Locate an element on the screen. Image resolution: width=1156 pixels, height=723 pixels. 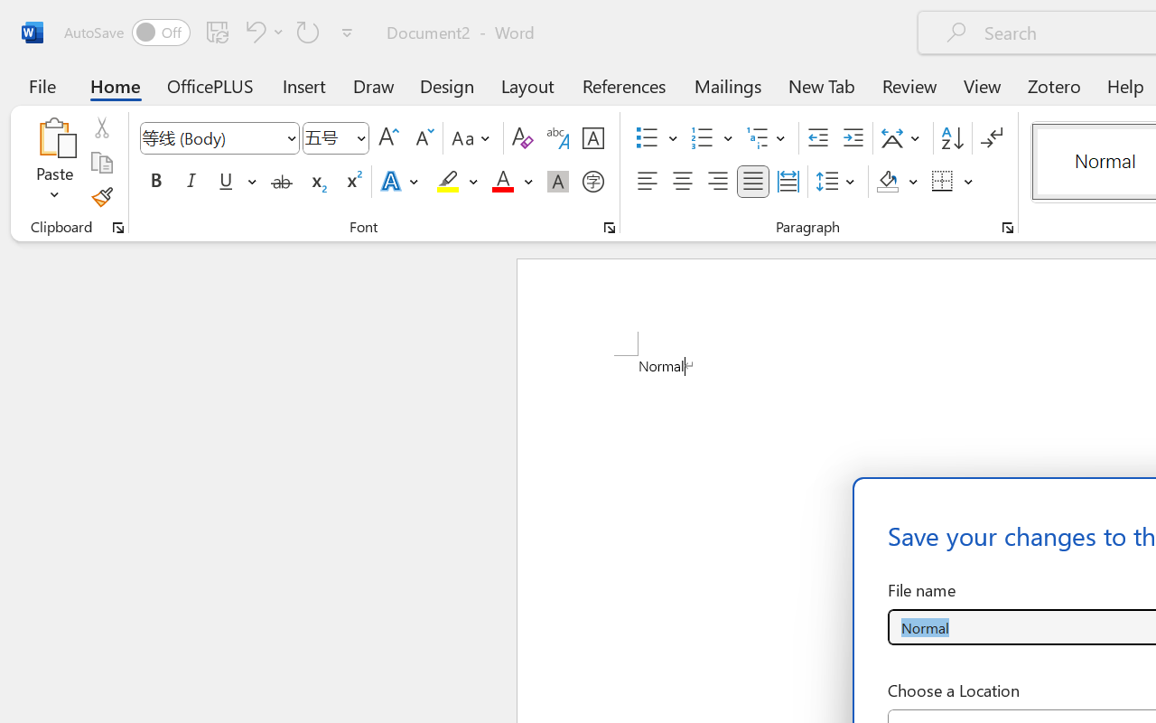
'Copy' is located at coordinates (100, 162).